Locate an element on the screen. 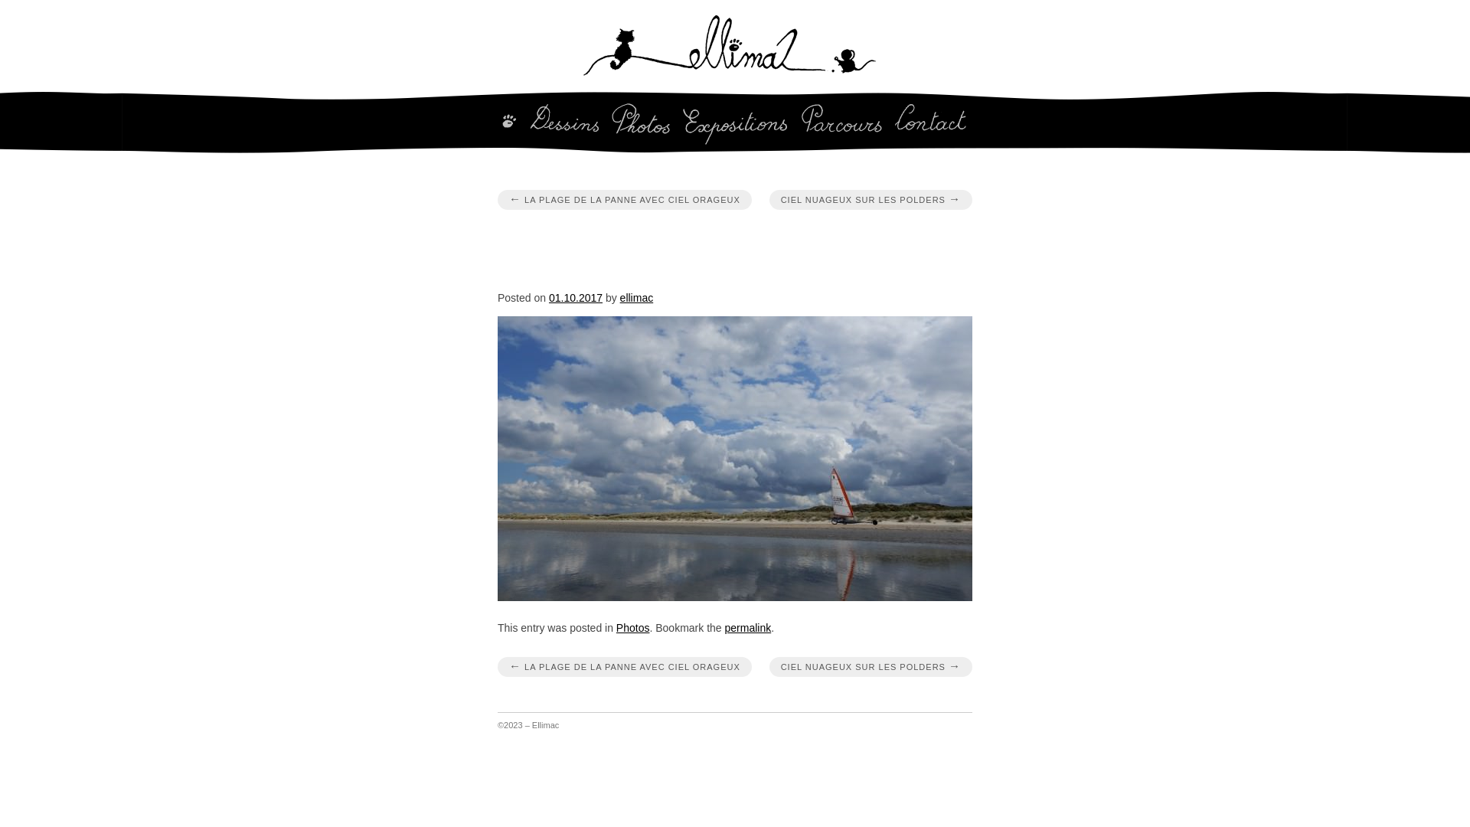 The image size is (1470, 827). 'Dessins' is located at coordinates (564, 123).